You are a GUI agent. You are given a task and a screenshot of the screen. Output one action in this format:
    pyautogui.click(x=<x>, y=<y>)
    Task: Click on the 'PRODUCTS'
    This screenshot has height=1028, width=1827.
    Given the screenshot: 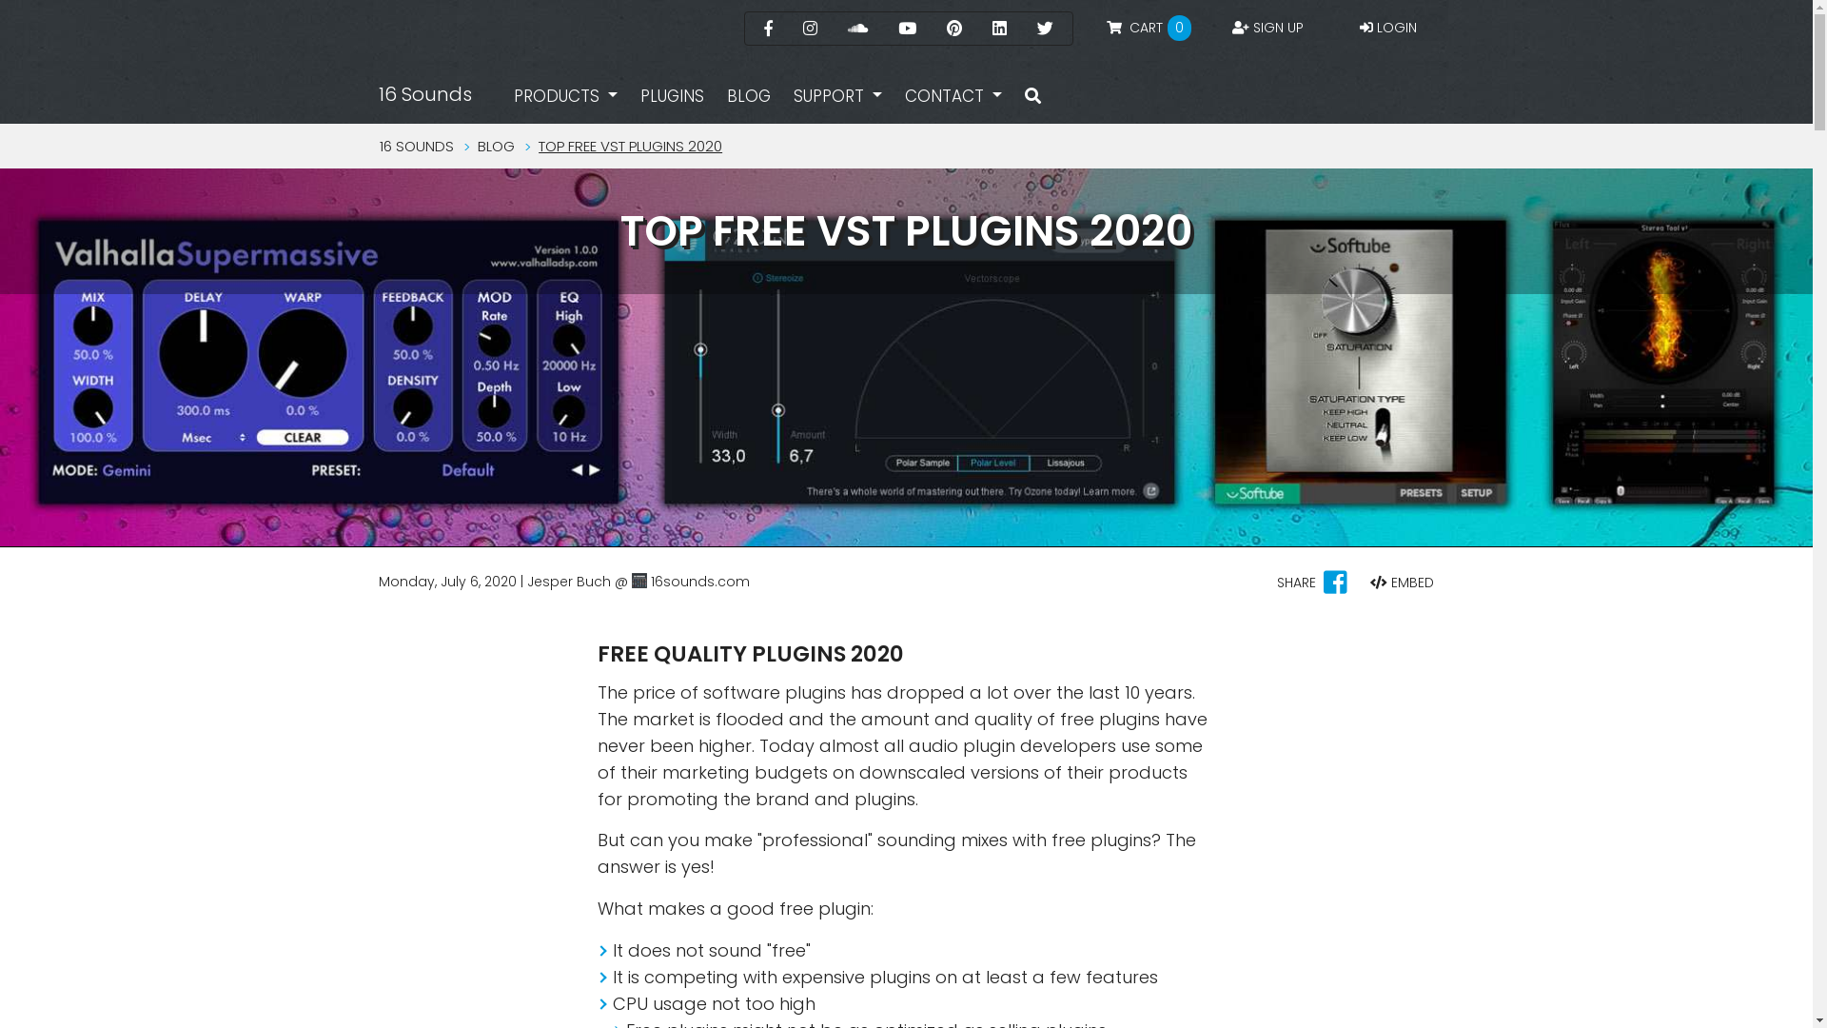 What is the action you would take?
    pyautogui.click(x=564, y=95)
    